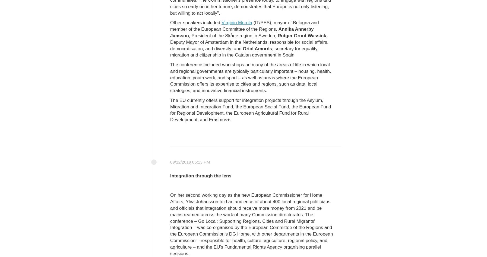 The image size is (487, 257). Describe the element at coordinates (244, 52) in the screenshot. I see `', secretary for equality, migration and citizenship in the Catalan government in Spain.'` at that location.